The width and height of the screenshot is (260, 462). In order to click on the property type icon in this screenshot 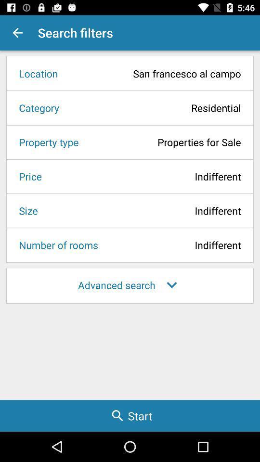, I will do `click(45, 141)`.